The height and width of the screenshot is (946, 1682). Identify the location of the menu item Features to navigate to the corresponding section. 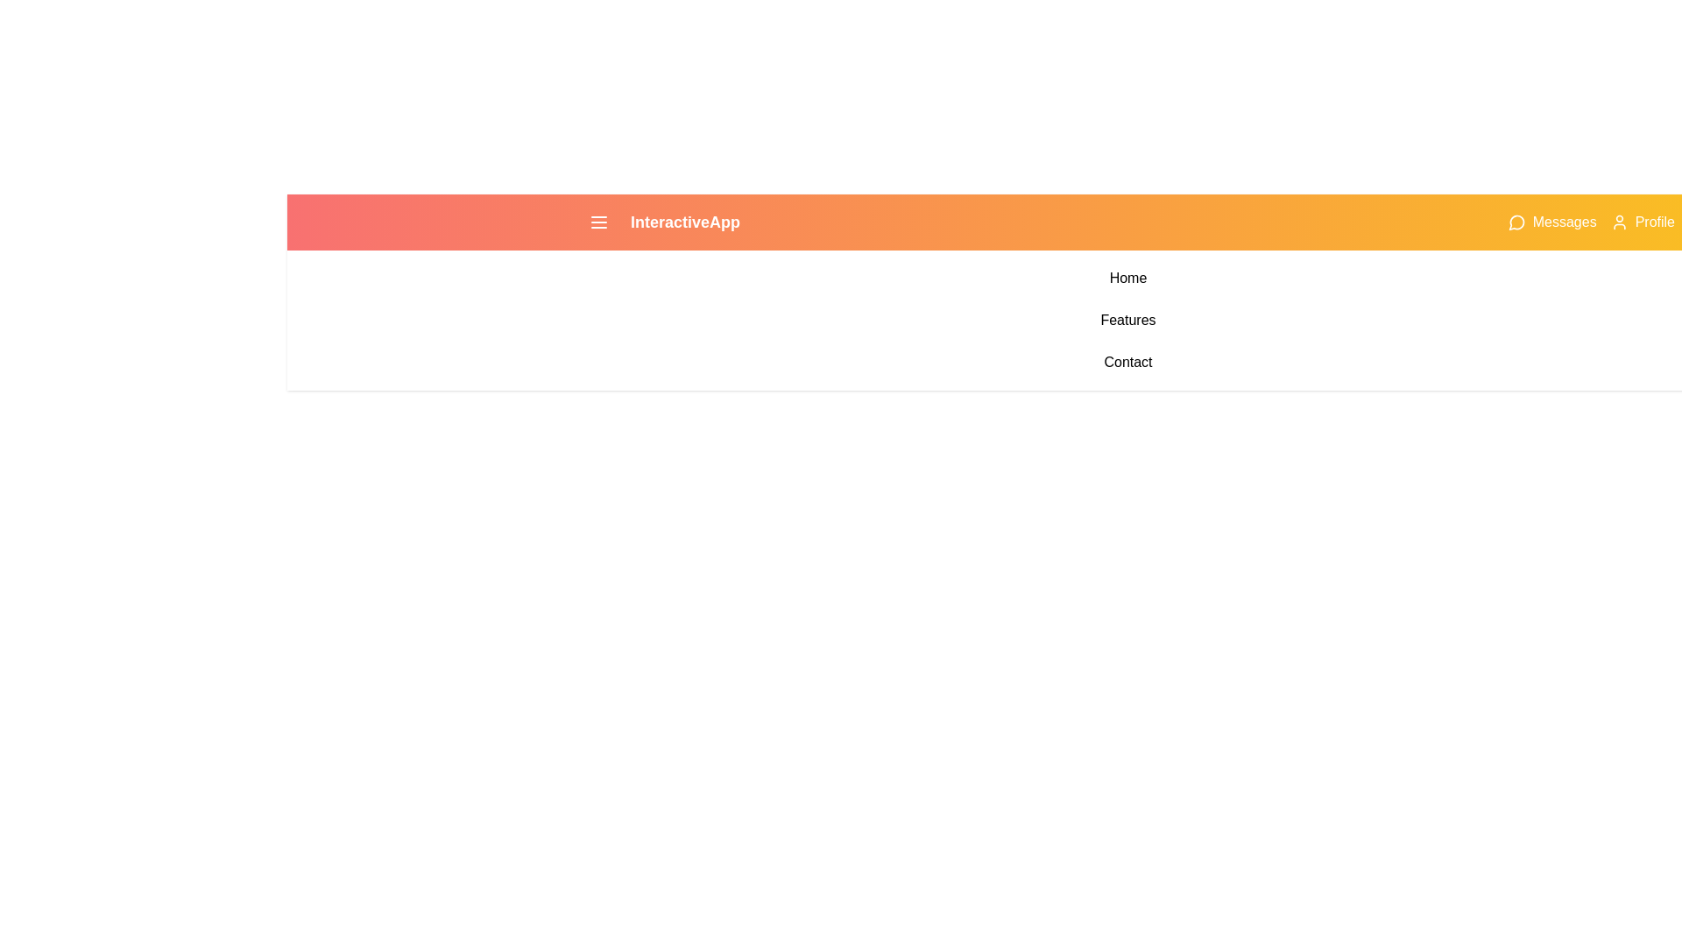
(1127, 321).